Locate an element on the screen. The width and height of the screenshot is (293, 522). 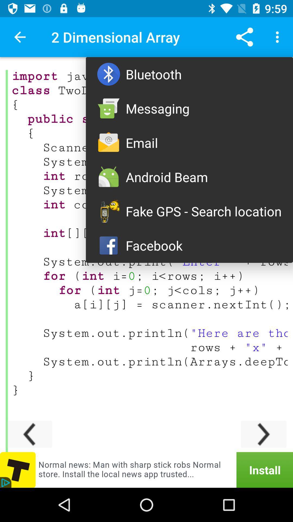
the arrow_forward icon is located at coordinates (263, 434).